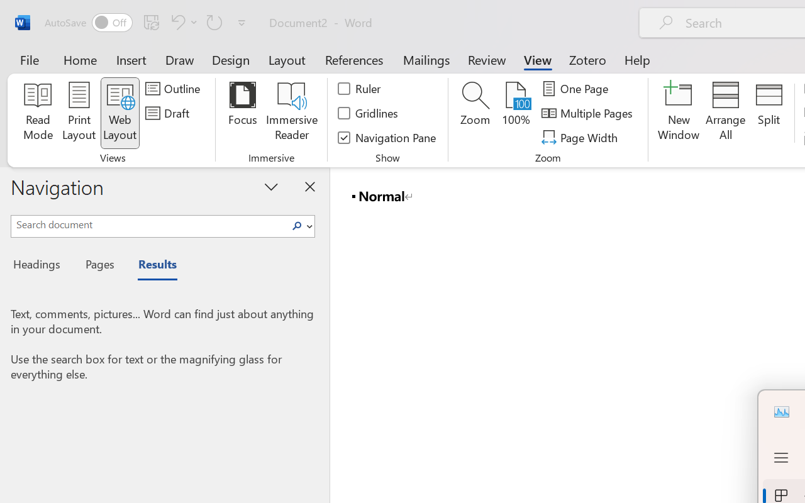 This screenshot has height=503, width=805. What do you see at coordinates (271, 186) in the screenshot?
I see `'Task Pane Options'` at bounding box center [271, 186].